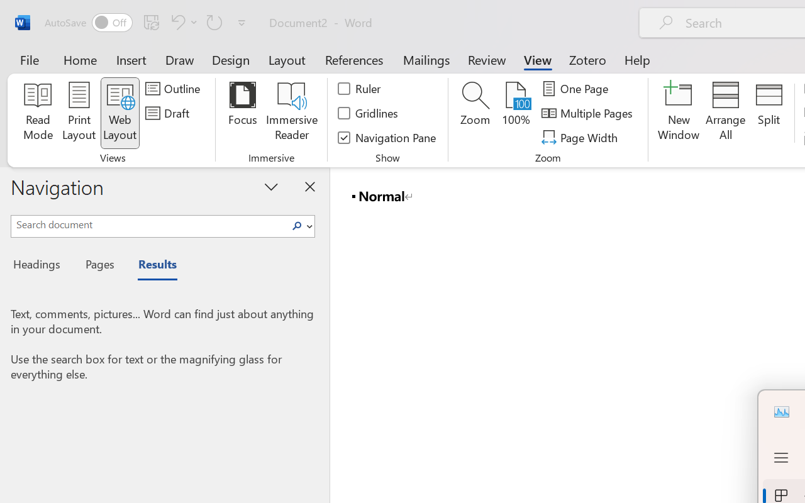 This screenshot has height=503, width=805. What do you see at coordinates (271, 186) in the screenshot?
I see `'Task Pane Options'` at bounding box center [271, 186].